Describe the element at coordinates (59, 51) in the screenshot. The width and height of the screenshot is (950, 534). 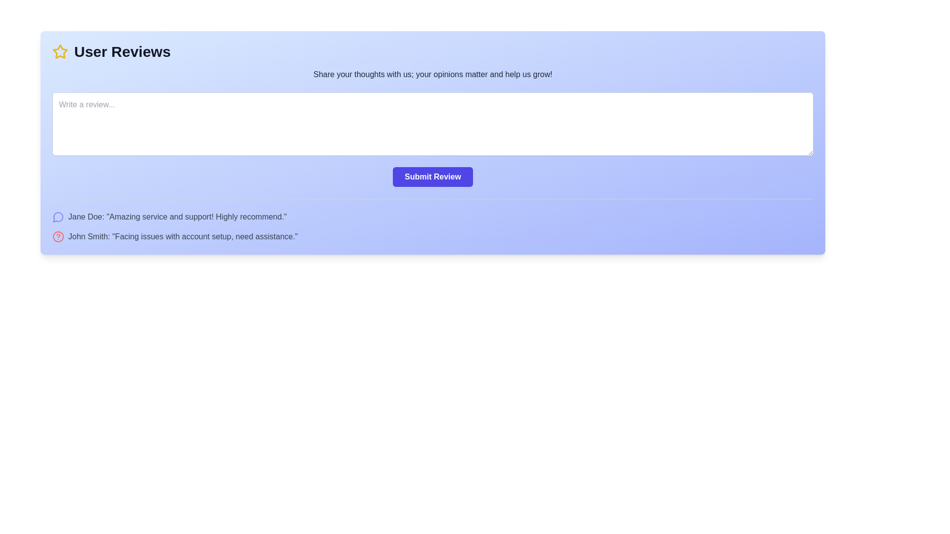
I see `the star icon located at the top-left corner of the user review section, which serves as a visual indicator for user ratings or reviews` at that location.